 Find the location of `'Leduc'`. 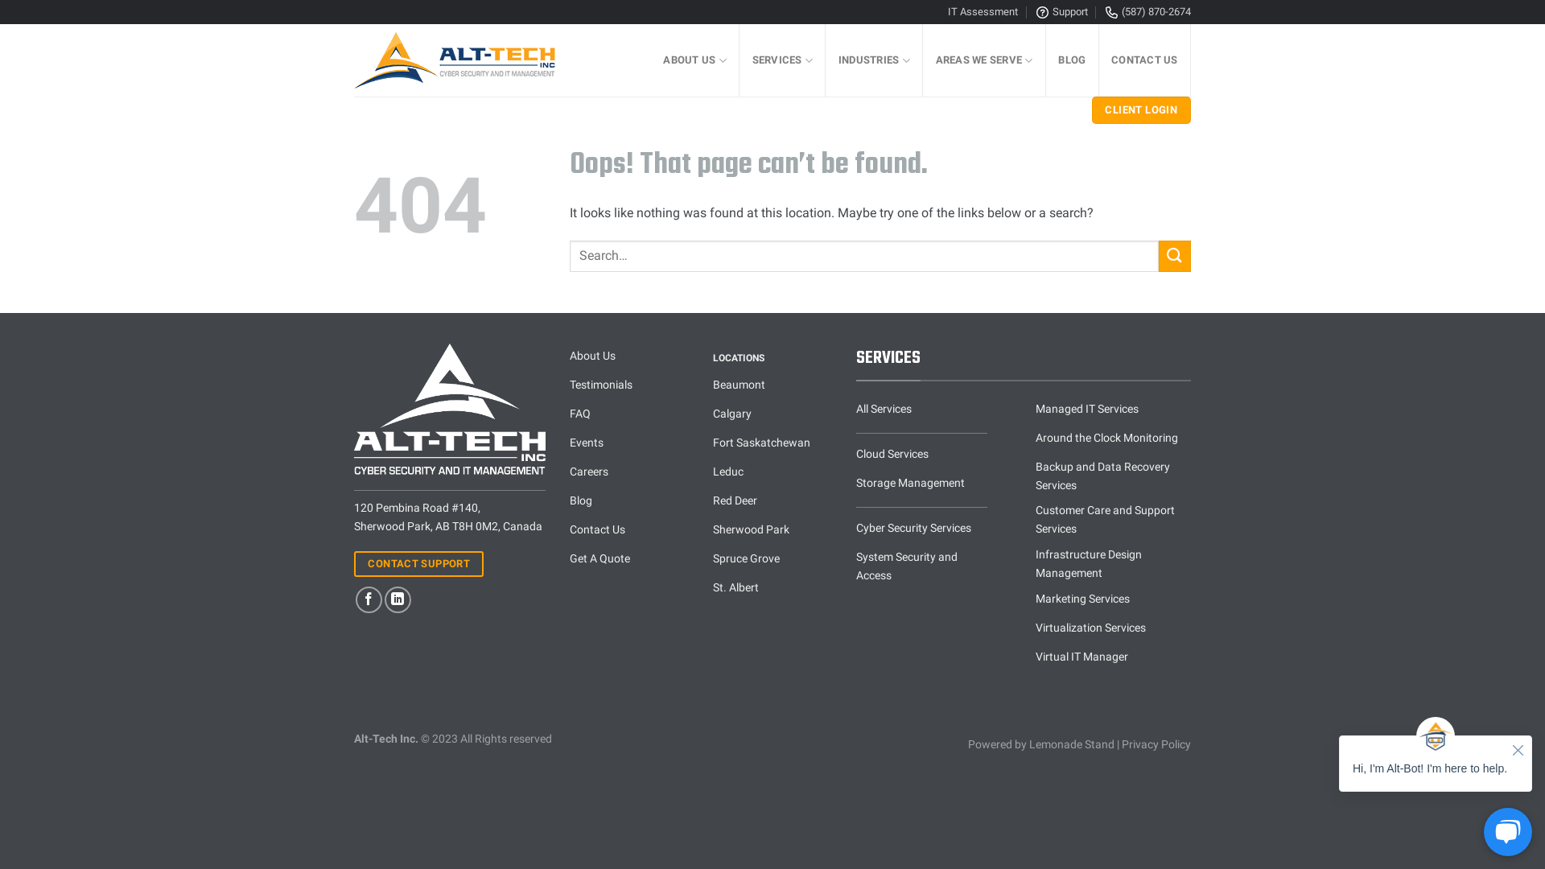

'Leduc' is located at coordinates (772, 473).